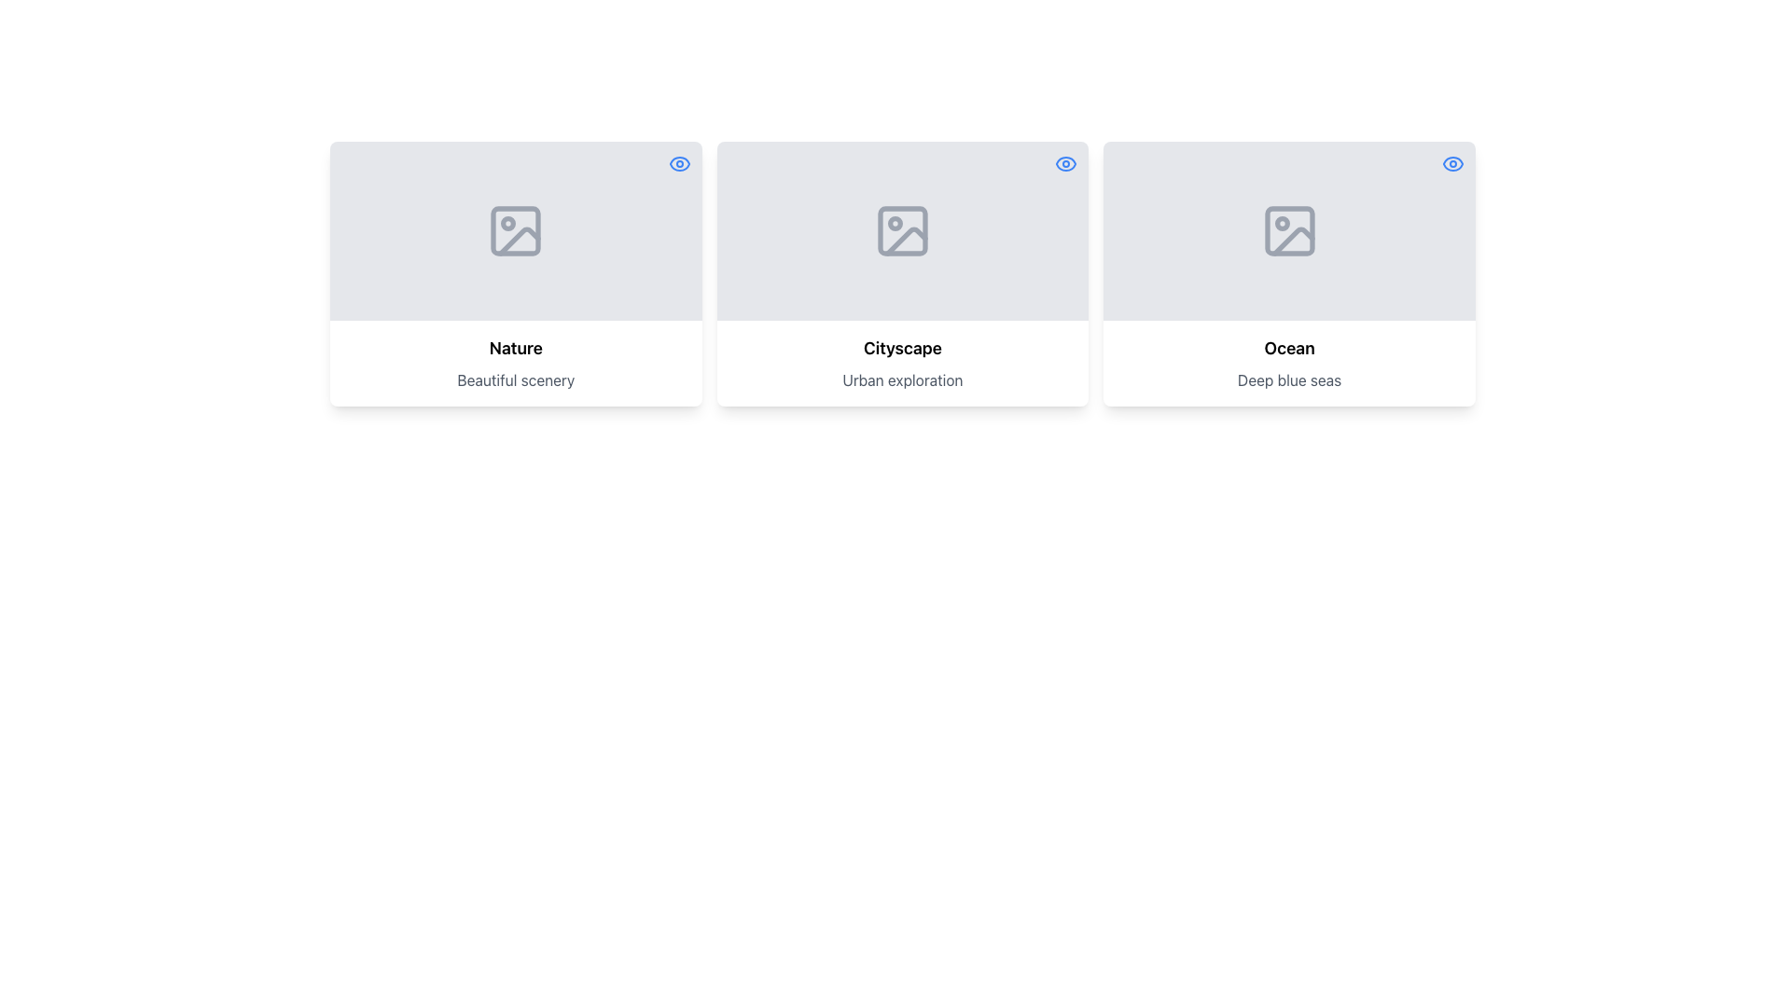  What do you see at coordinates (516, 229) in the screenshot?
I see `the icon resembling a simplified image outline with a square border, a circle representing the sun, and diagonal lines suggesting a mountain, located within the first card labeled 'Nature'` at bounding box center [516, 229].